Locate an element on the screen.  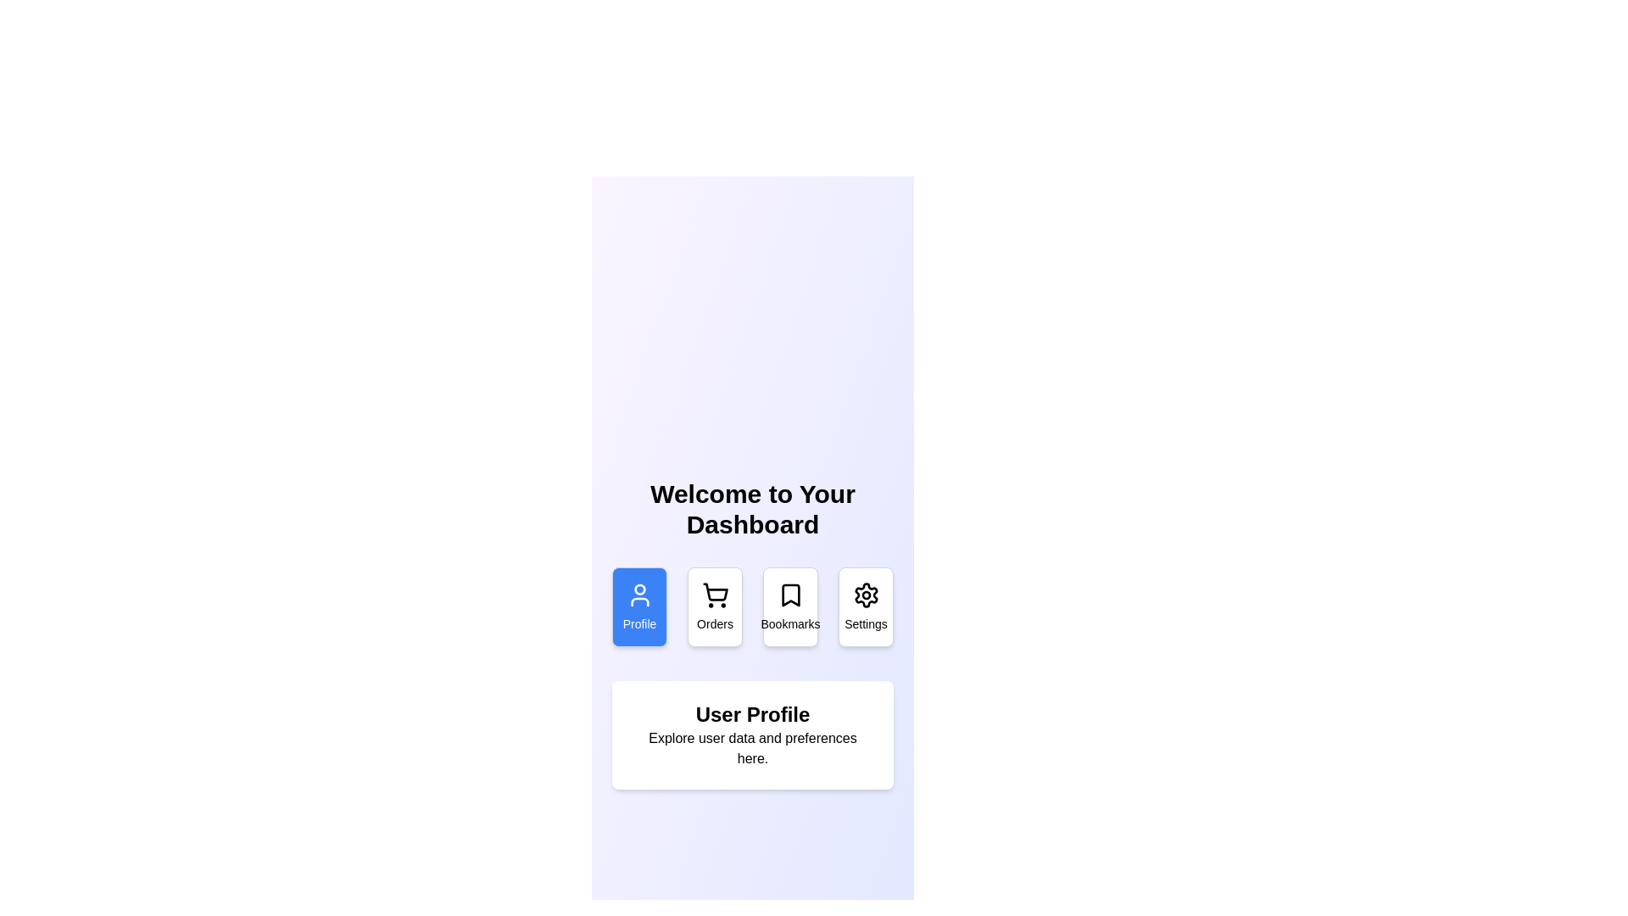
the 'Orders' button located in the dashboard is located at coordinates (715, 591).